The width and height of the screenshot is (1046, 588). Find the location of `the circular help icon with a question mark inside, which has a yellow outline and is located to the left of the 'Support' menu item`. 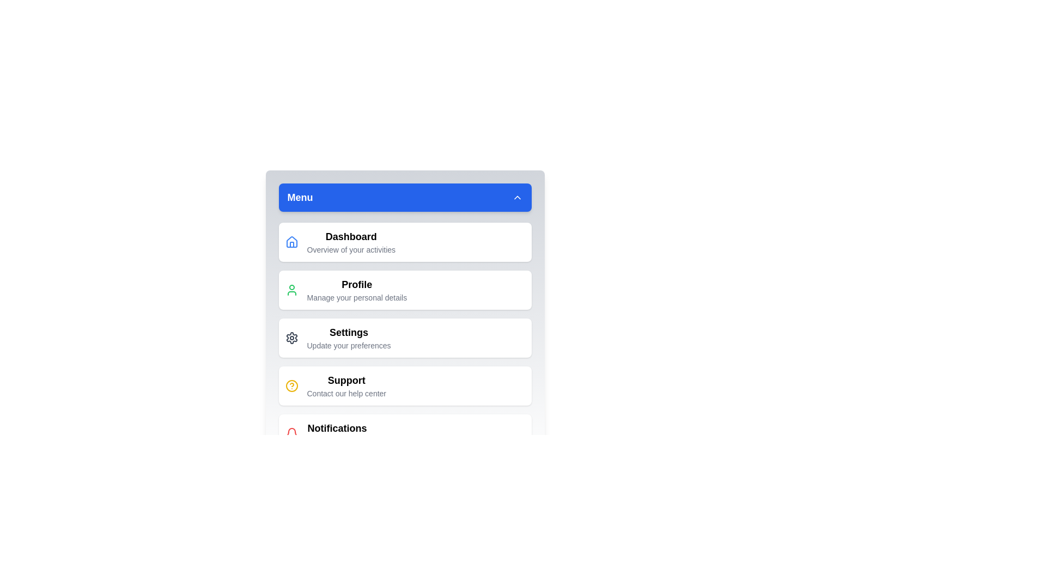

the circular help icon with a question mark inside, which has a yellow outline and is located to the left of the 'Support' menu item is located at coordinates (291, 385).